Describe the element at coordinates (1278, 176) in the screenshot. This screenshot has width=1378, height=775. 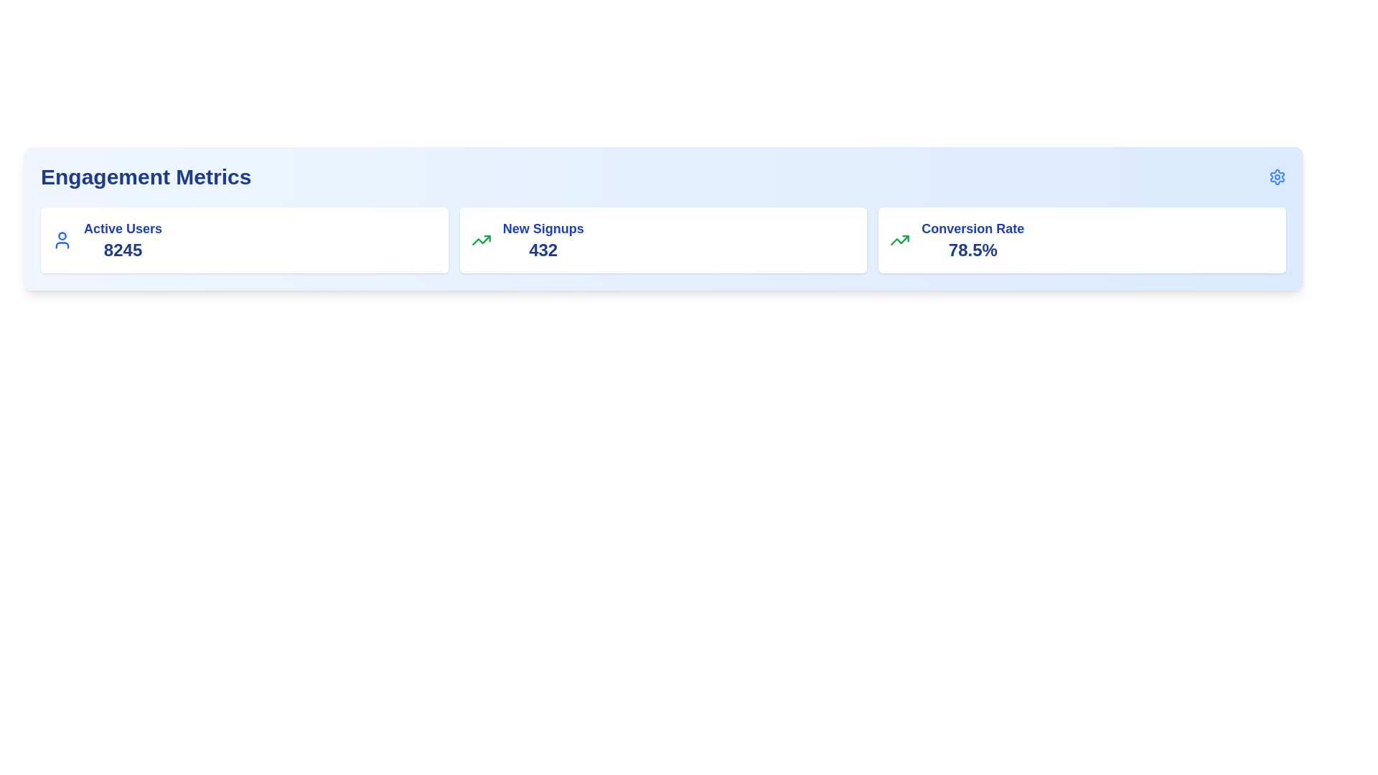
I see `the inner graphical element of the gear icon located on the far right side of the blue bar displaying engagement metrics` at that location.